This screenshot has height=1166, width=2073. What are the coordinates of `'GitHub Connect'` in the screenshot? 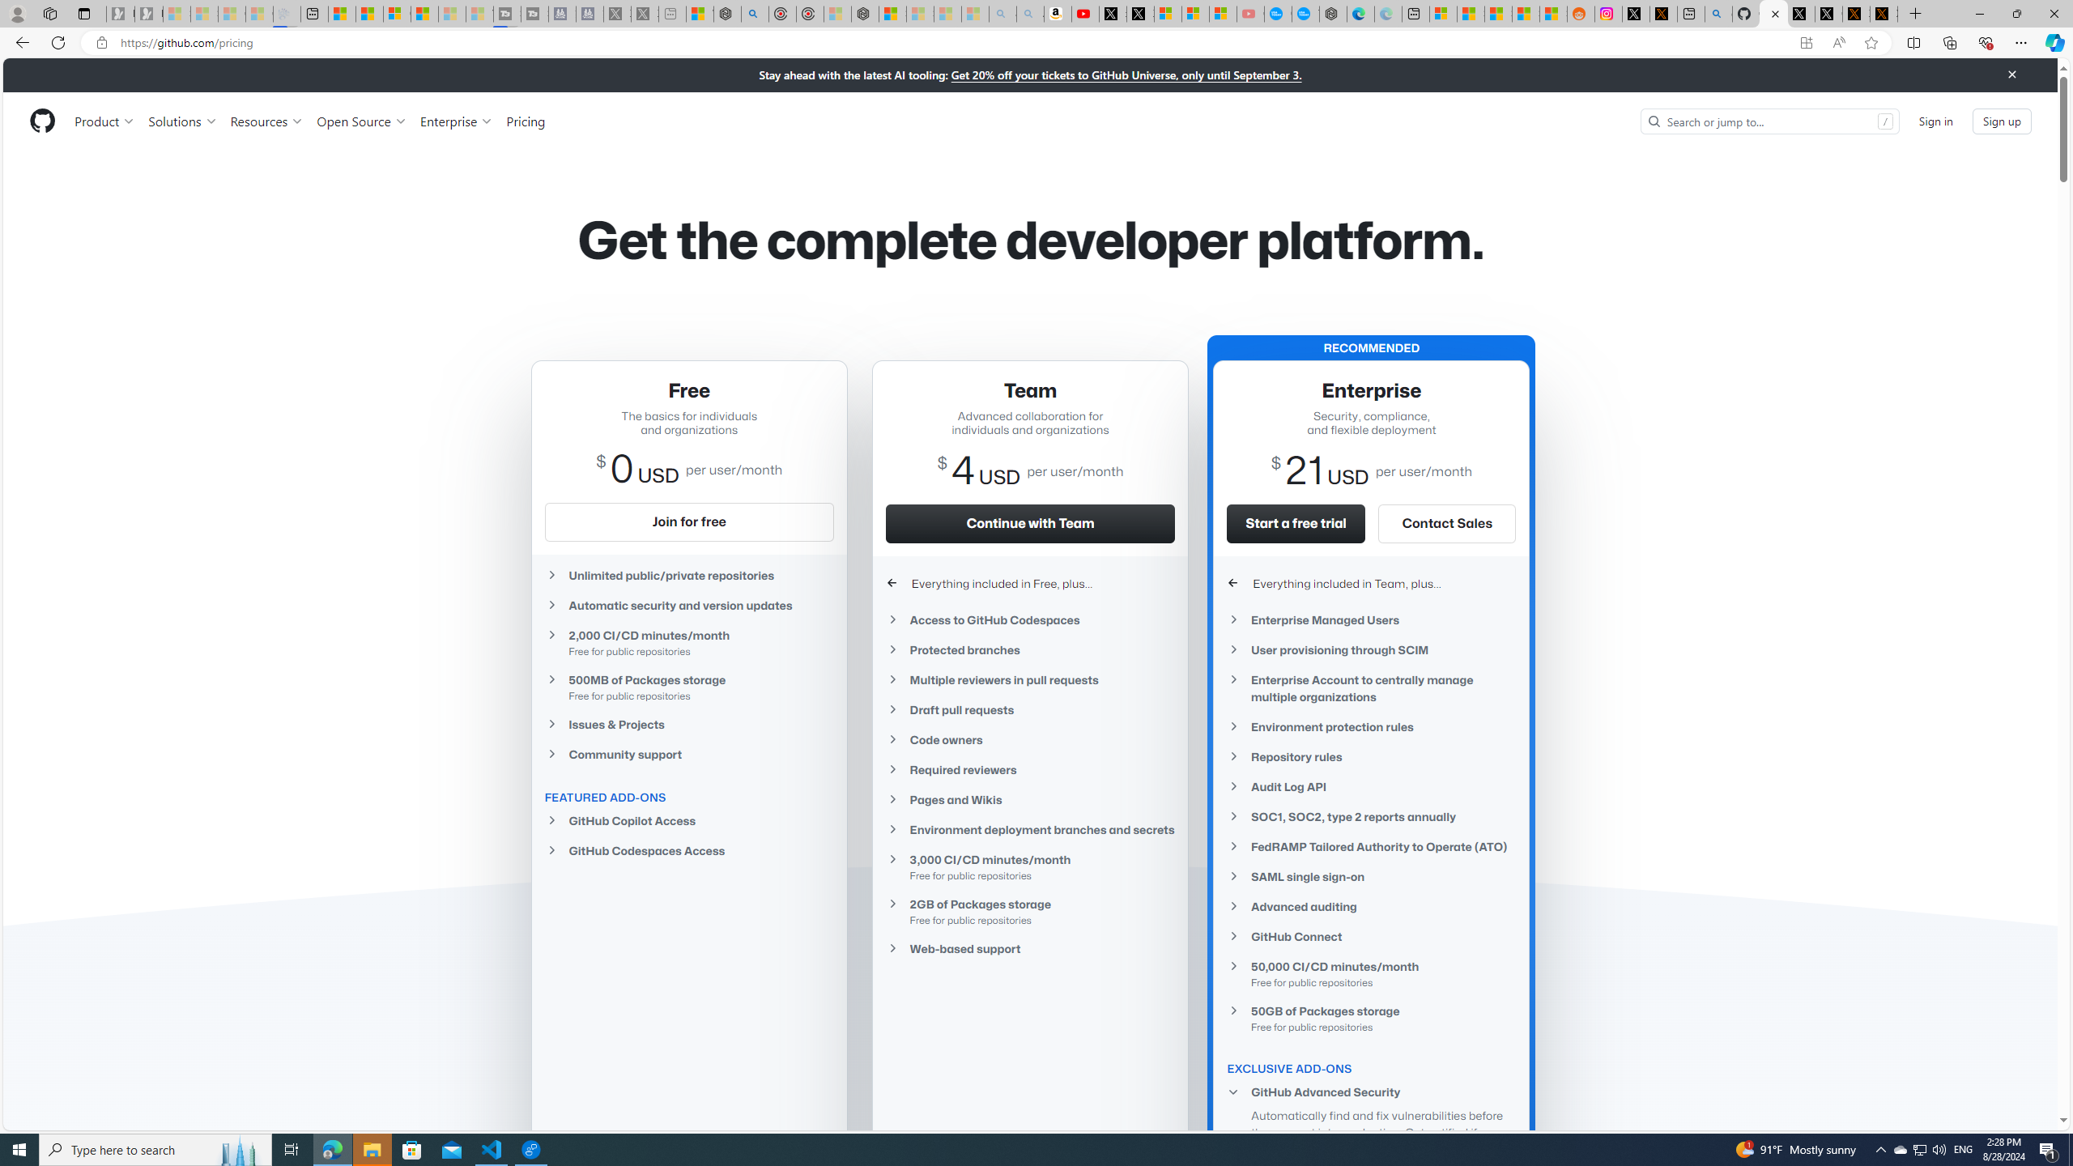 It's located at (1371, 936).